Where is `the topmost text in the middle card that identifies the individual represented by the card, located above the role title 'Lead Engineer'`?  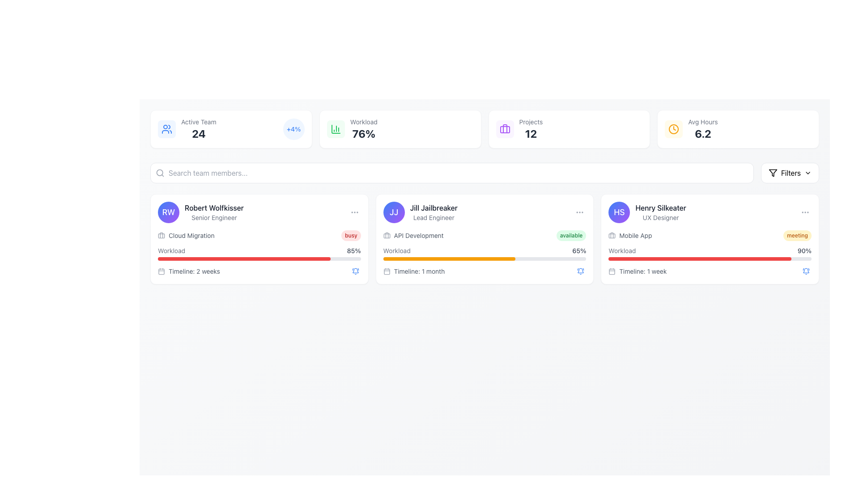 the topmost text in the middle card that identifies the individual represented by the card, located above the role title 'Lead Engineer' is located at coordinates (434, 208).